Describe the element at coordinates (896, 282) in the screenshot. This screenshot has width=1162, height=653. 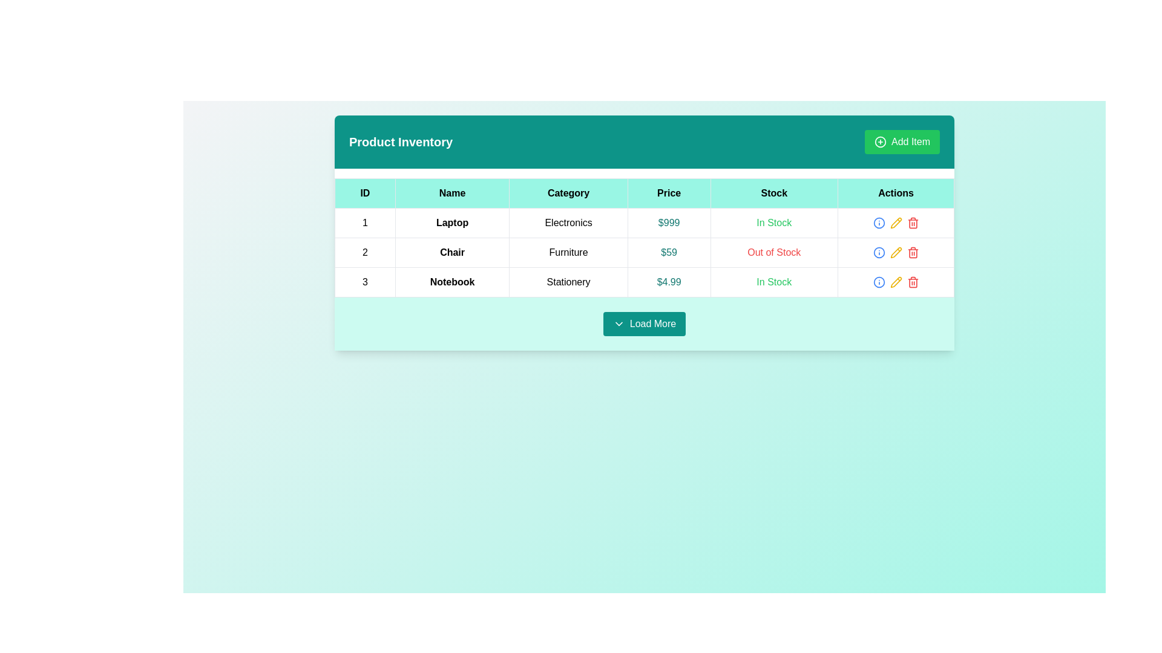
I see `the pencil icon button in the Actions column of the third row` at that location.